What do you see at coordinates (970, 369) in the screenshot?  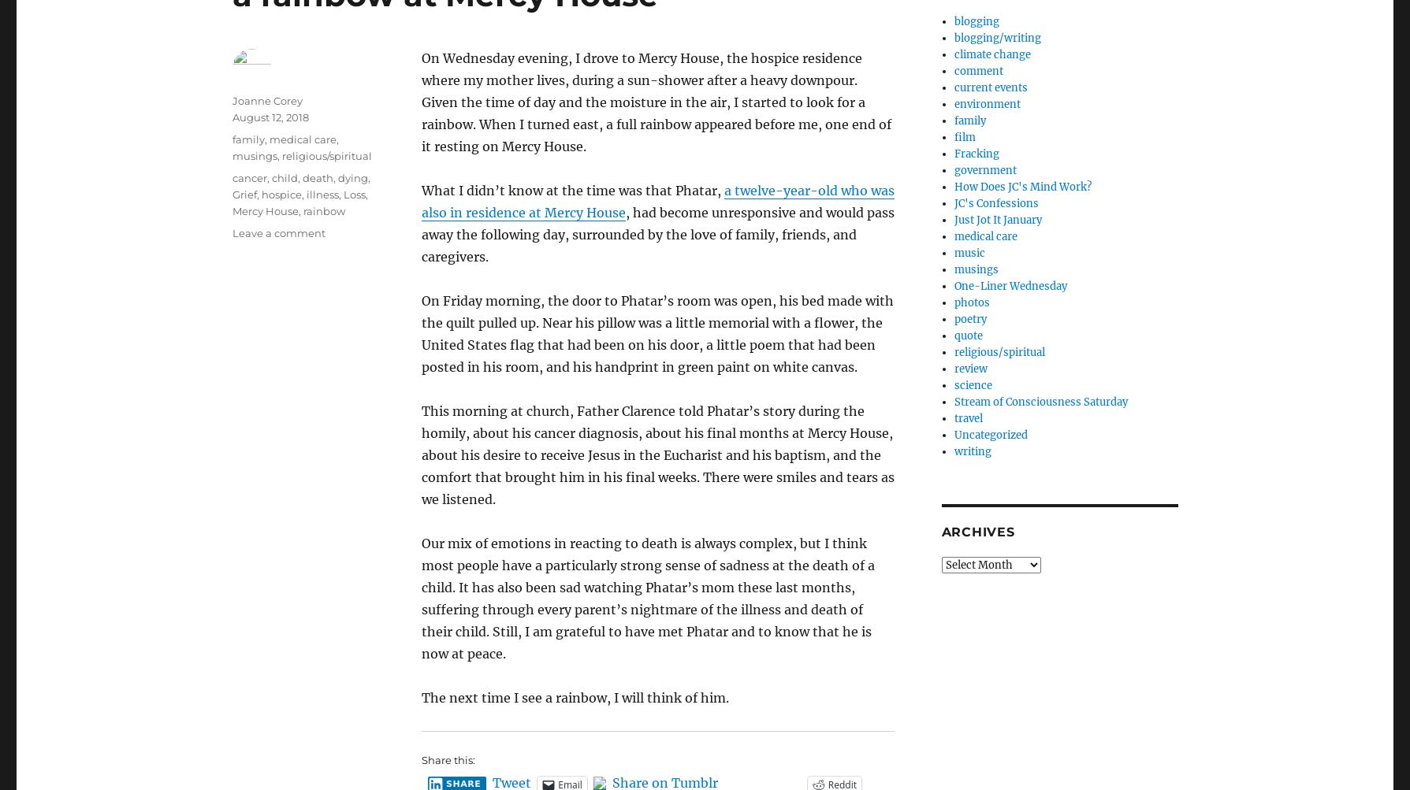 I see `'review'` at bounding box center [970, 369].